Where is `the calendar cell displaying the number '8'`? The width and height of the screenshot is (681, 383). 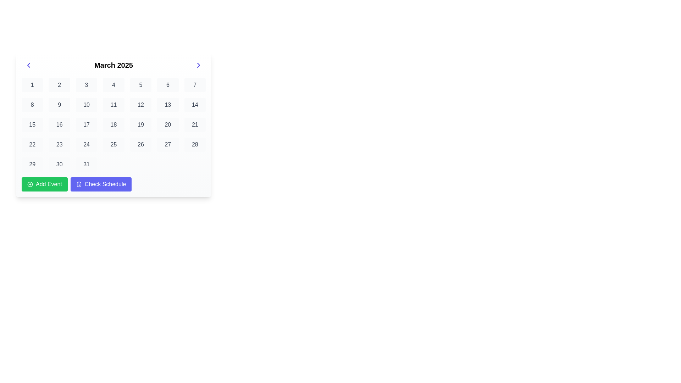
the calendar cell displaying the number '8' is located at coordinates (32, 105).